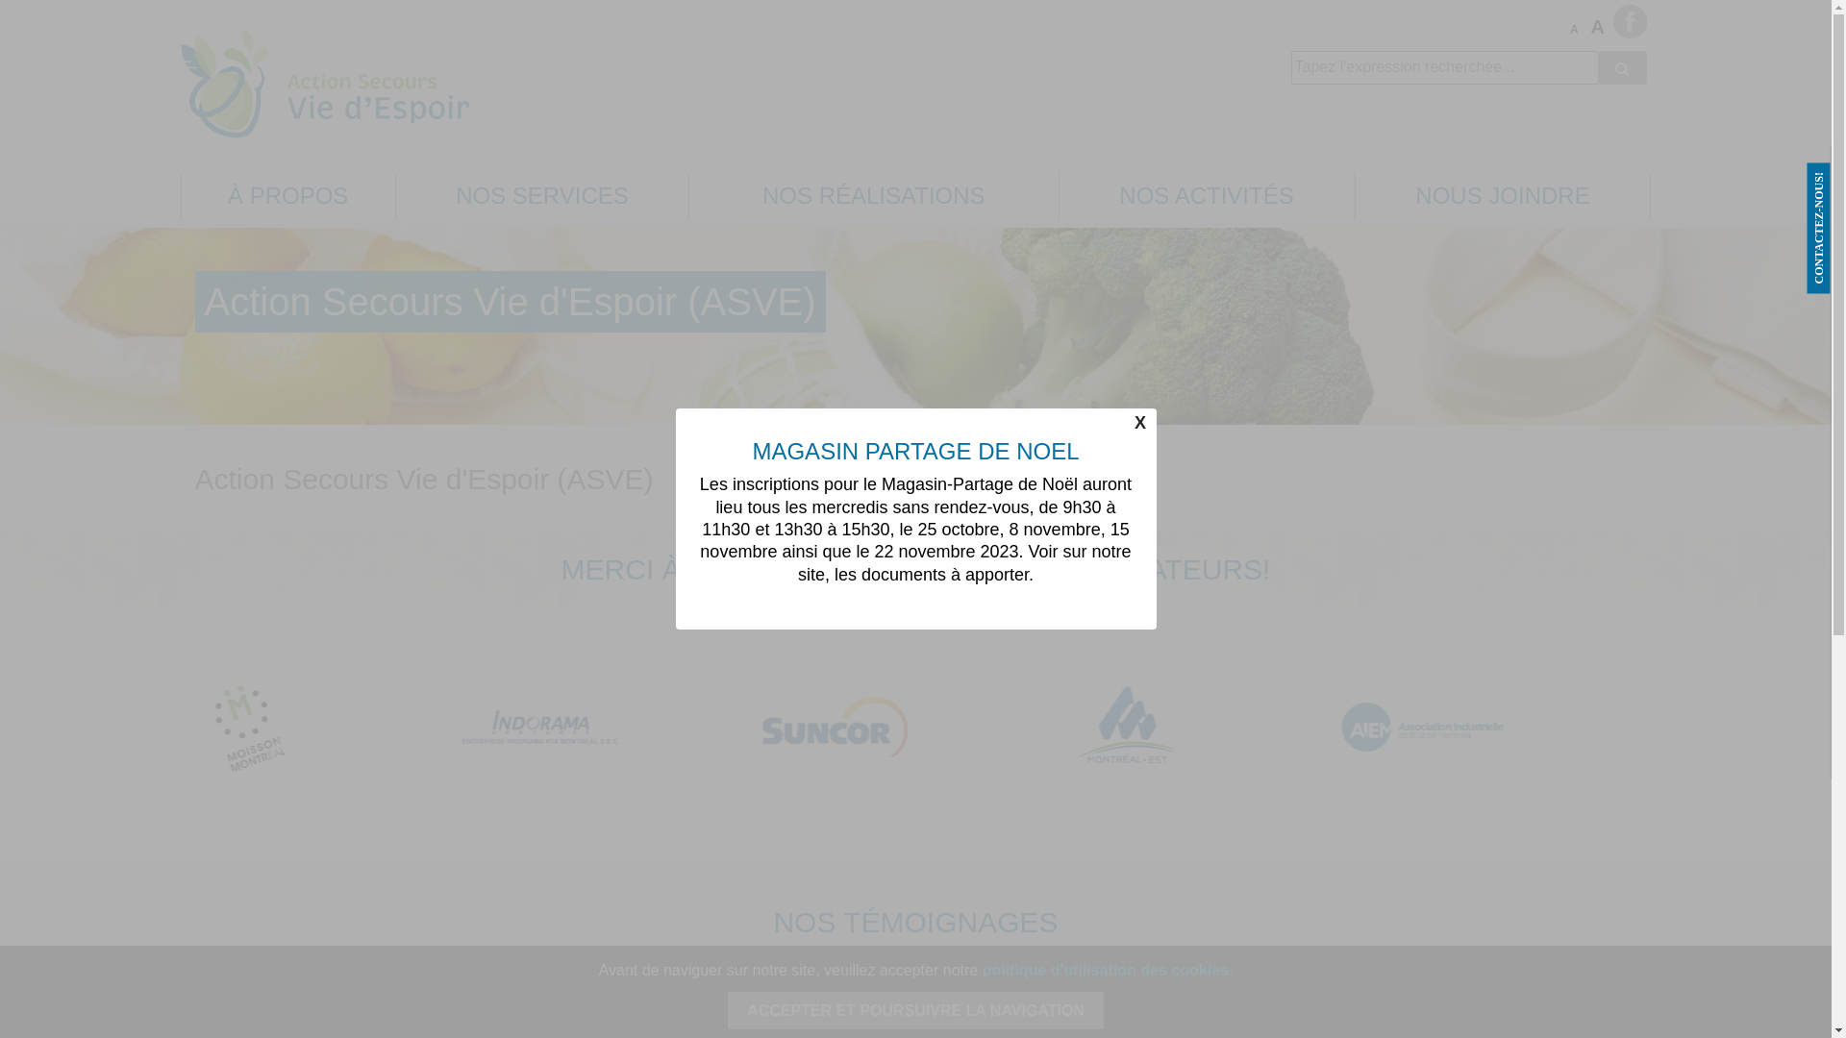 The height and width of the screenshot is (1038, 1846). I want to click on 'A', so click(1578, 30).